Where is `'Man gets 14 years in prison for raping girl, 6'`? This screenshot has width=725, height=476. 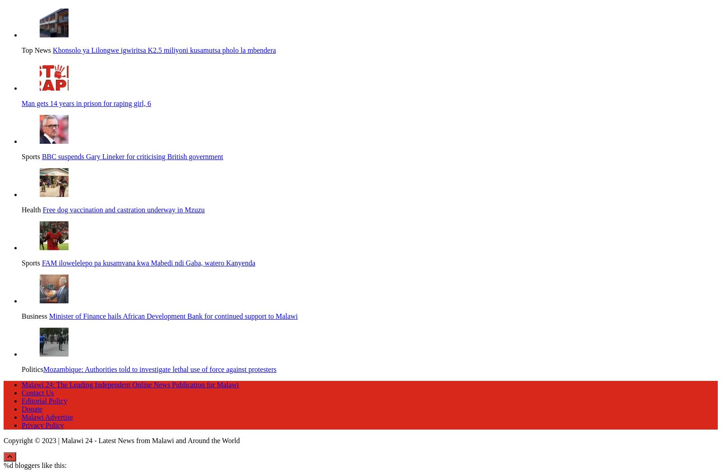 'Man gets 14 years in prison for raping girl, 6' is located at coordinates (86, 101).